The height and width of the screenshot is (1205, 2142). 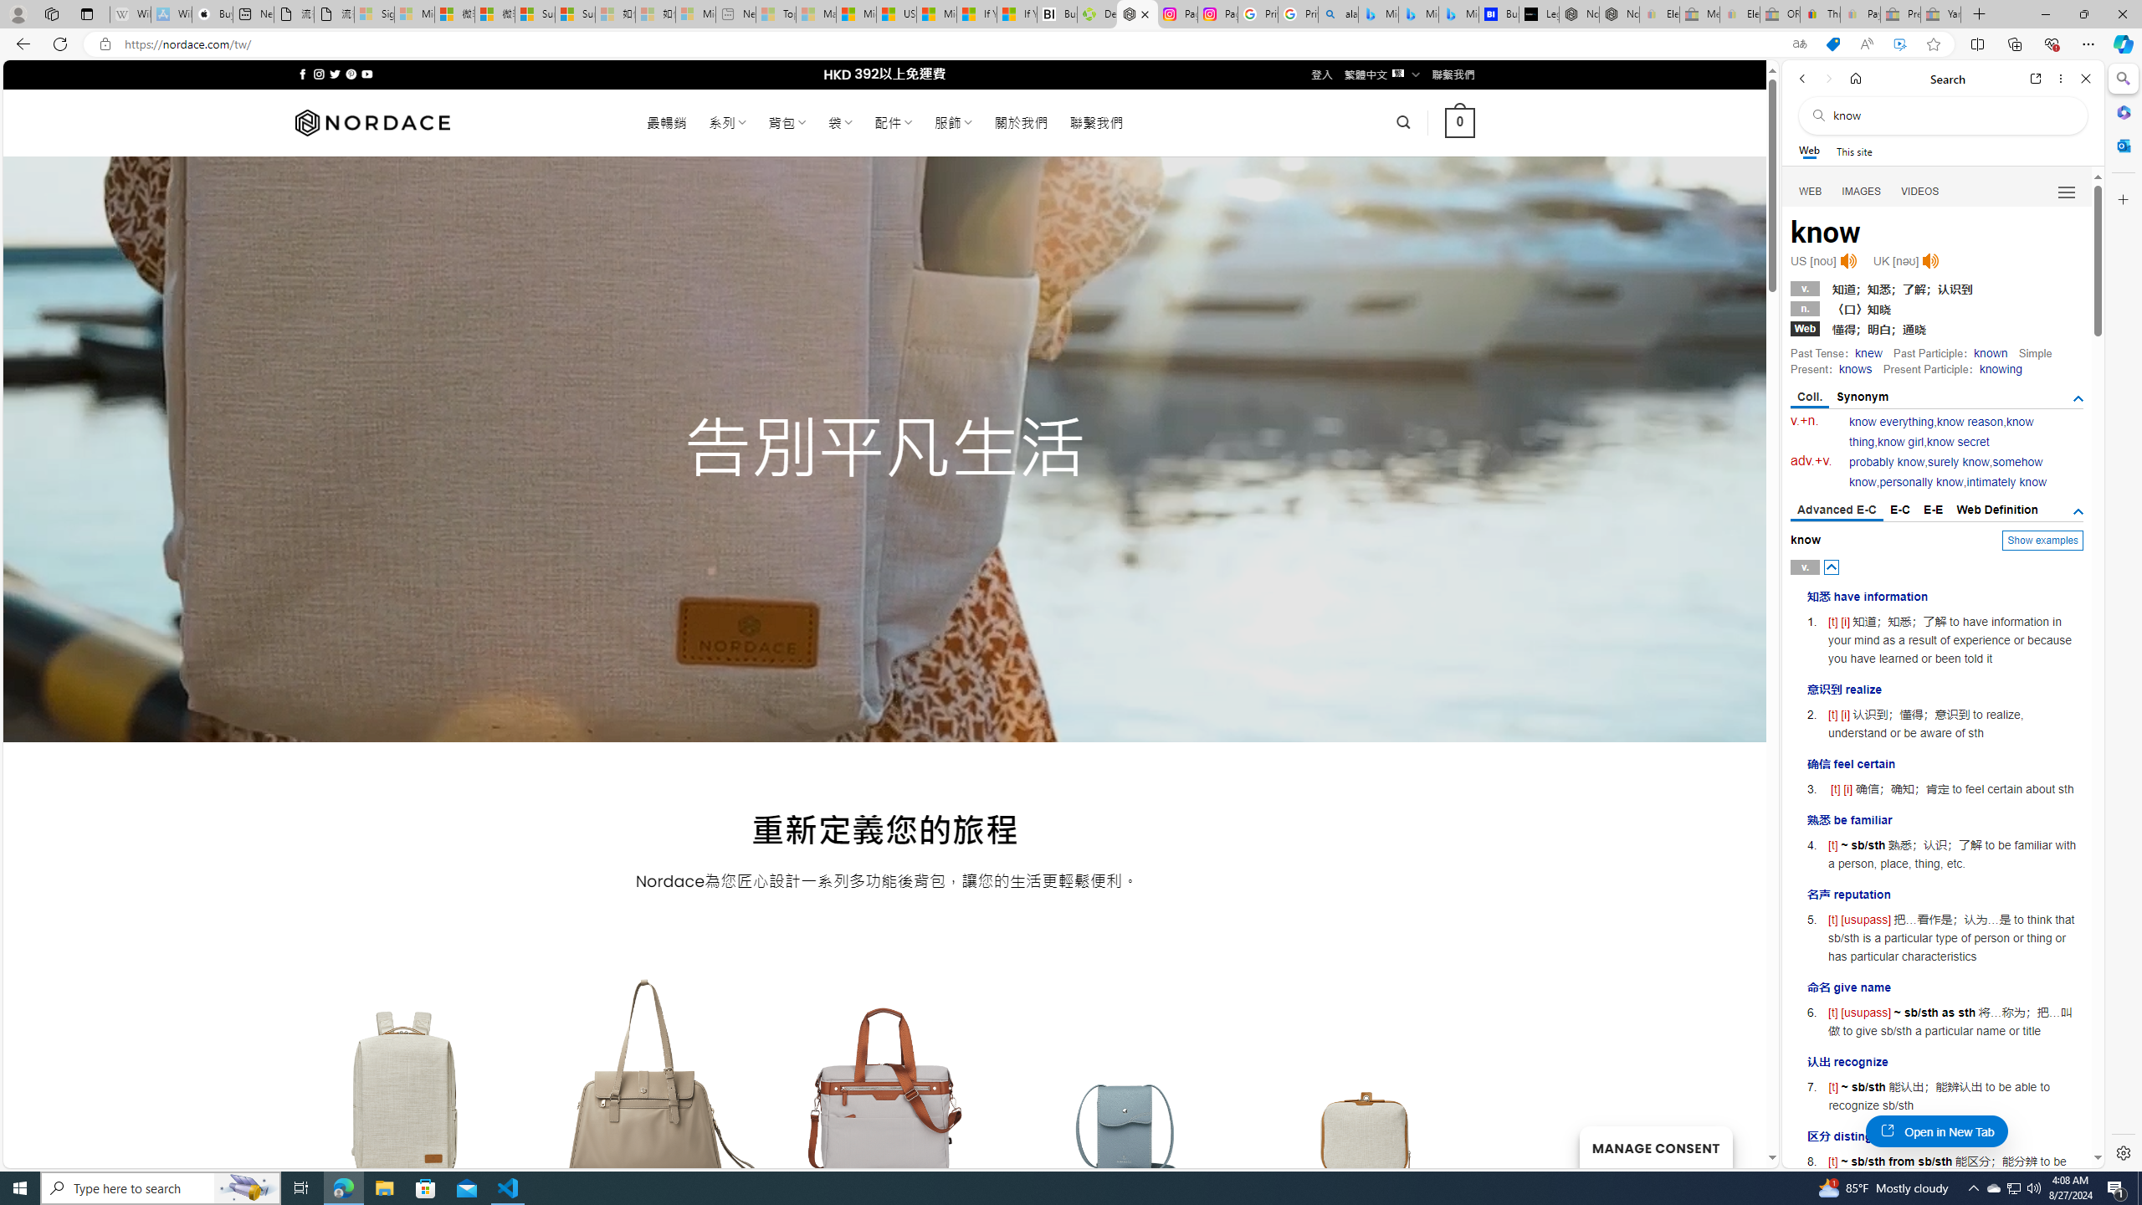 What do you see at coordinates (1868, 352) in the screenshot?
I see `'knew'` at bounding box center [1868, 352].